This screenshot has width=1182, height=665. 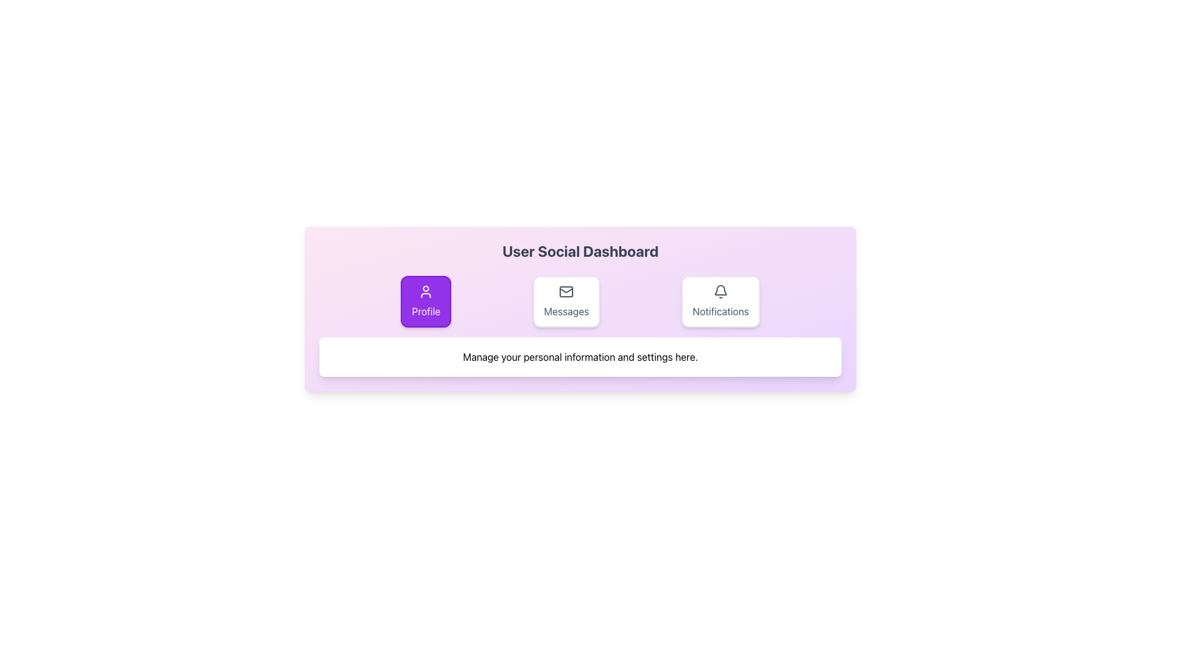 I want to click on the small graphical feature of the mail envelope icon within the Messages icon, which is part of the row containing Profile, Messages, and Notifications, so click(x=566, y=290).